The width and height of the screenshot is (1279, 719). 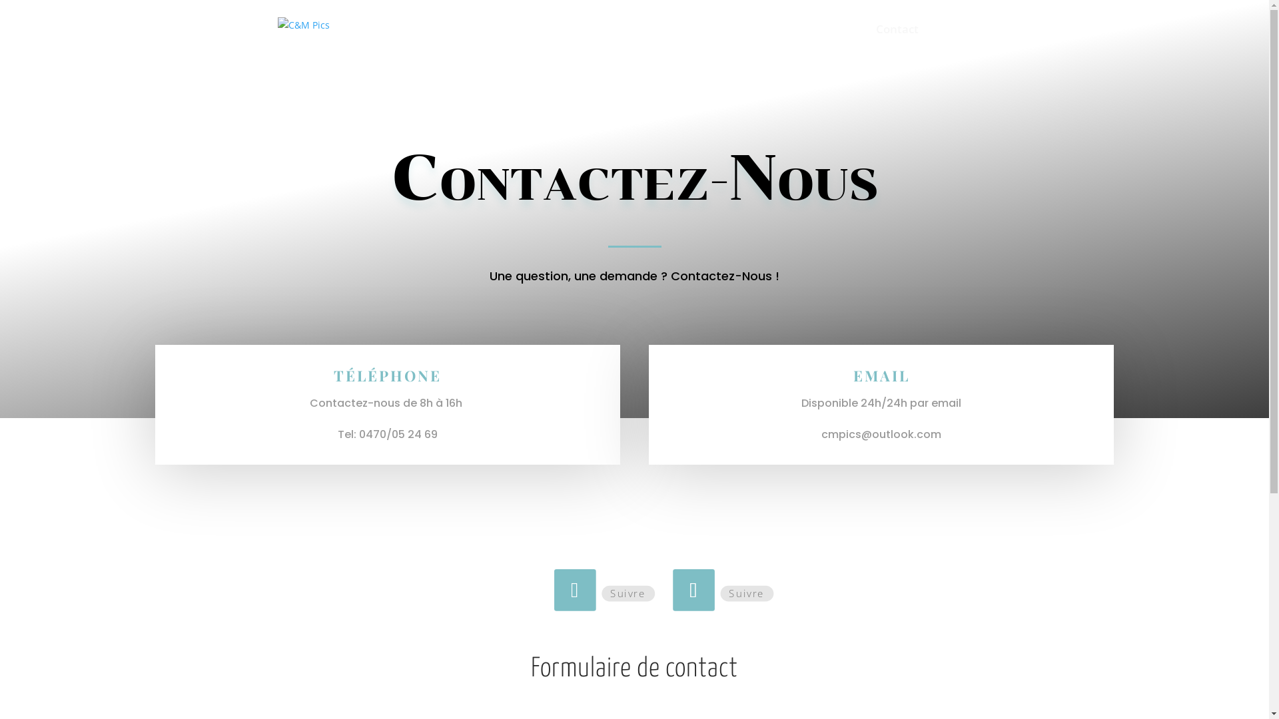 I want to click on 'Suivre', so click(x=743, y=593).